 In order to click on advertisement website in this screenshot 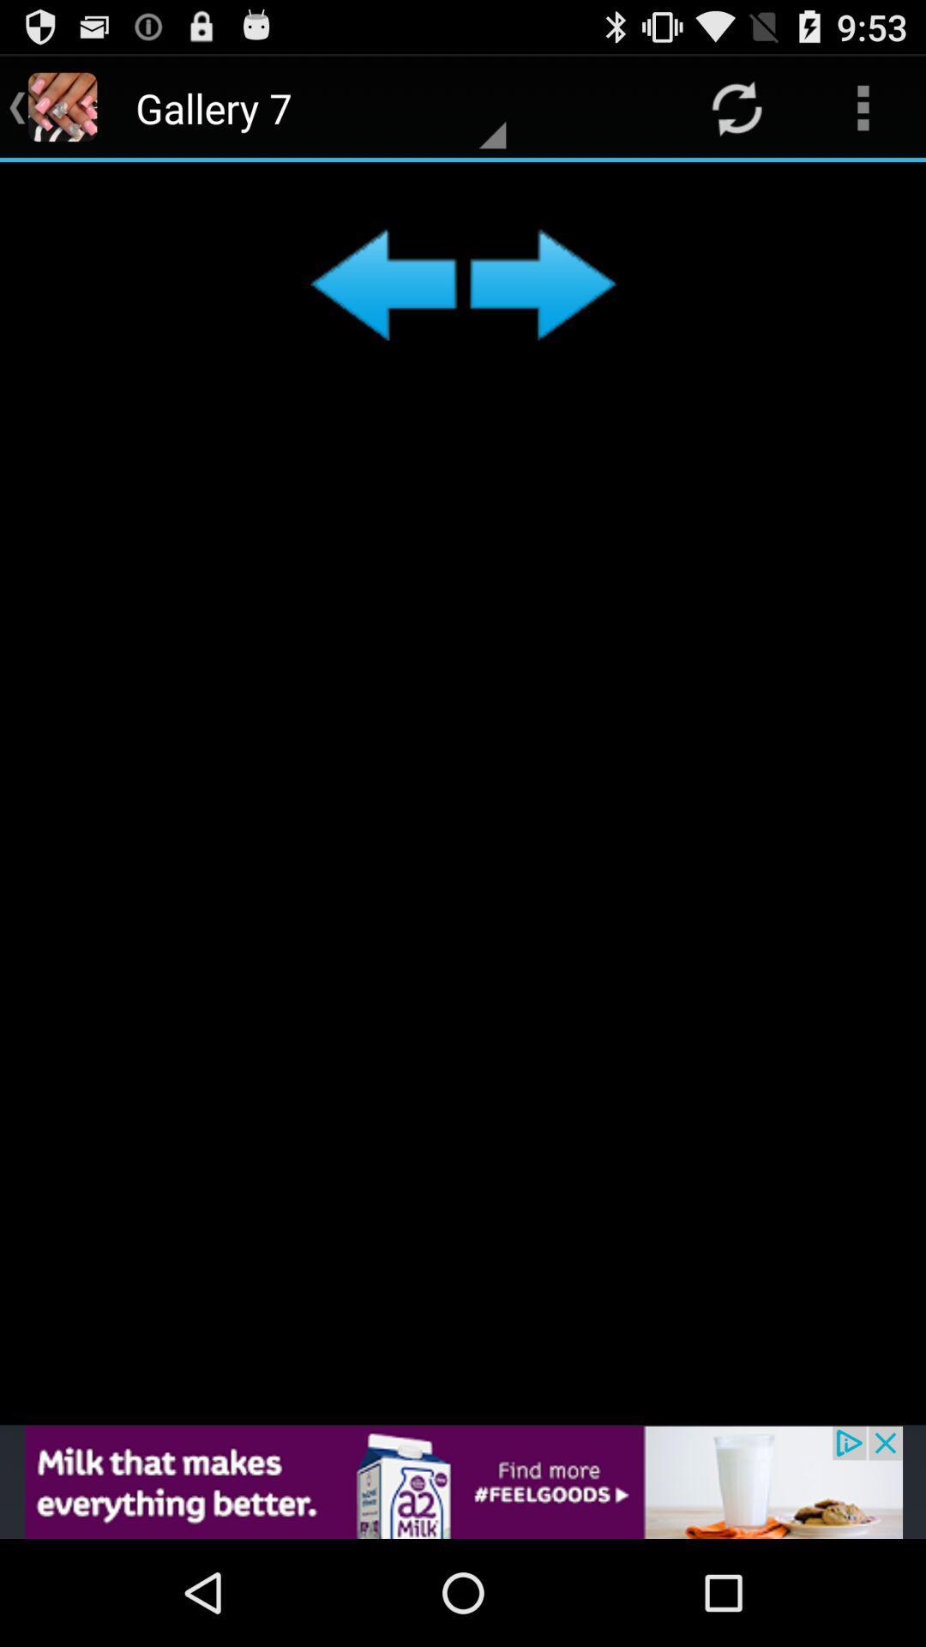, I will do `click(463, 1481)`.